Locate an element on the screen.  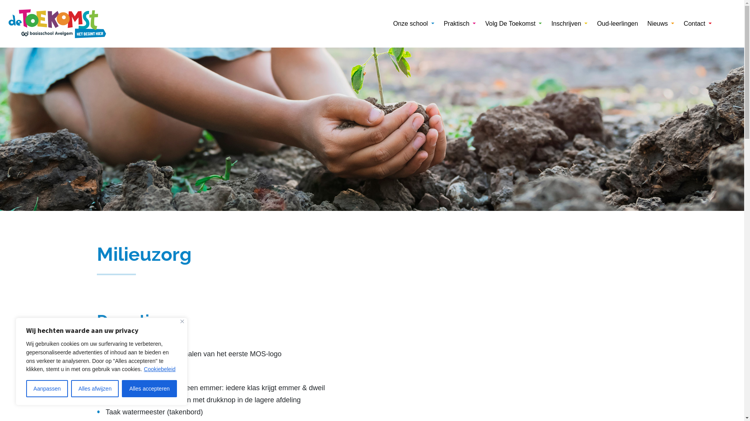
'Onze school' is located at coordinates (413, 23).